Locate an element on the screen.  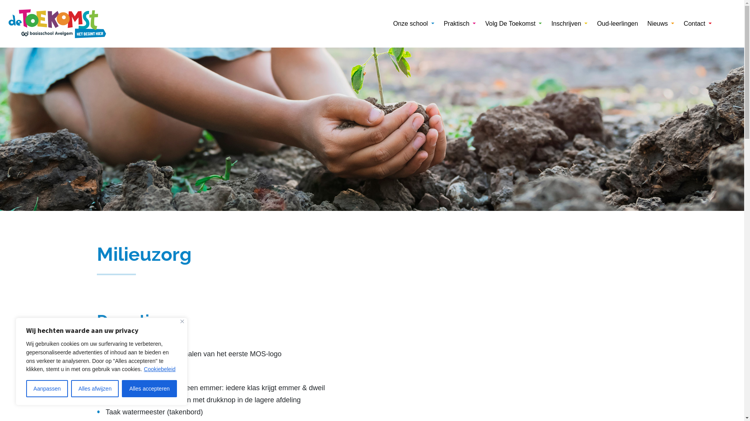
'Onze school' is located at coordinates (413, 23).